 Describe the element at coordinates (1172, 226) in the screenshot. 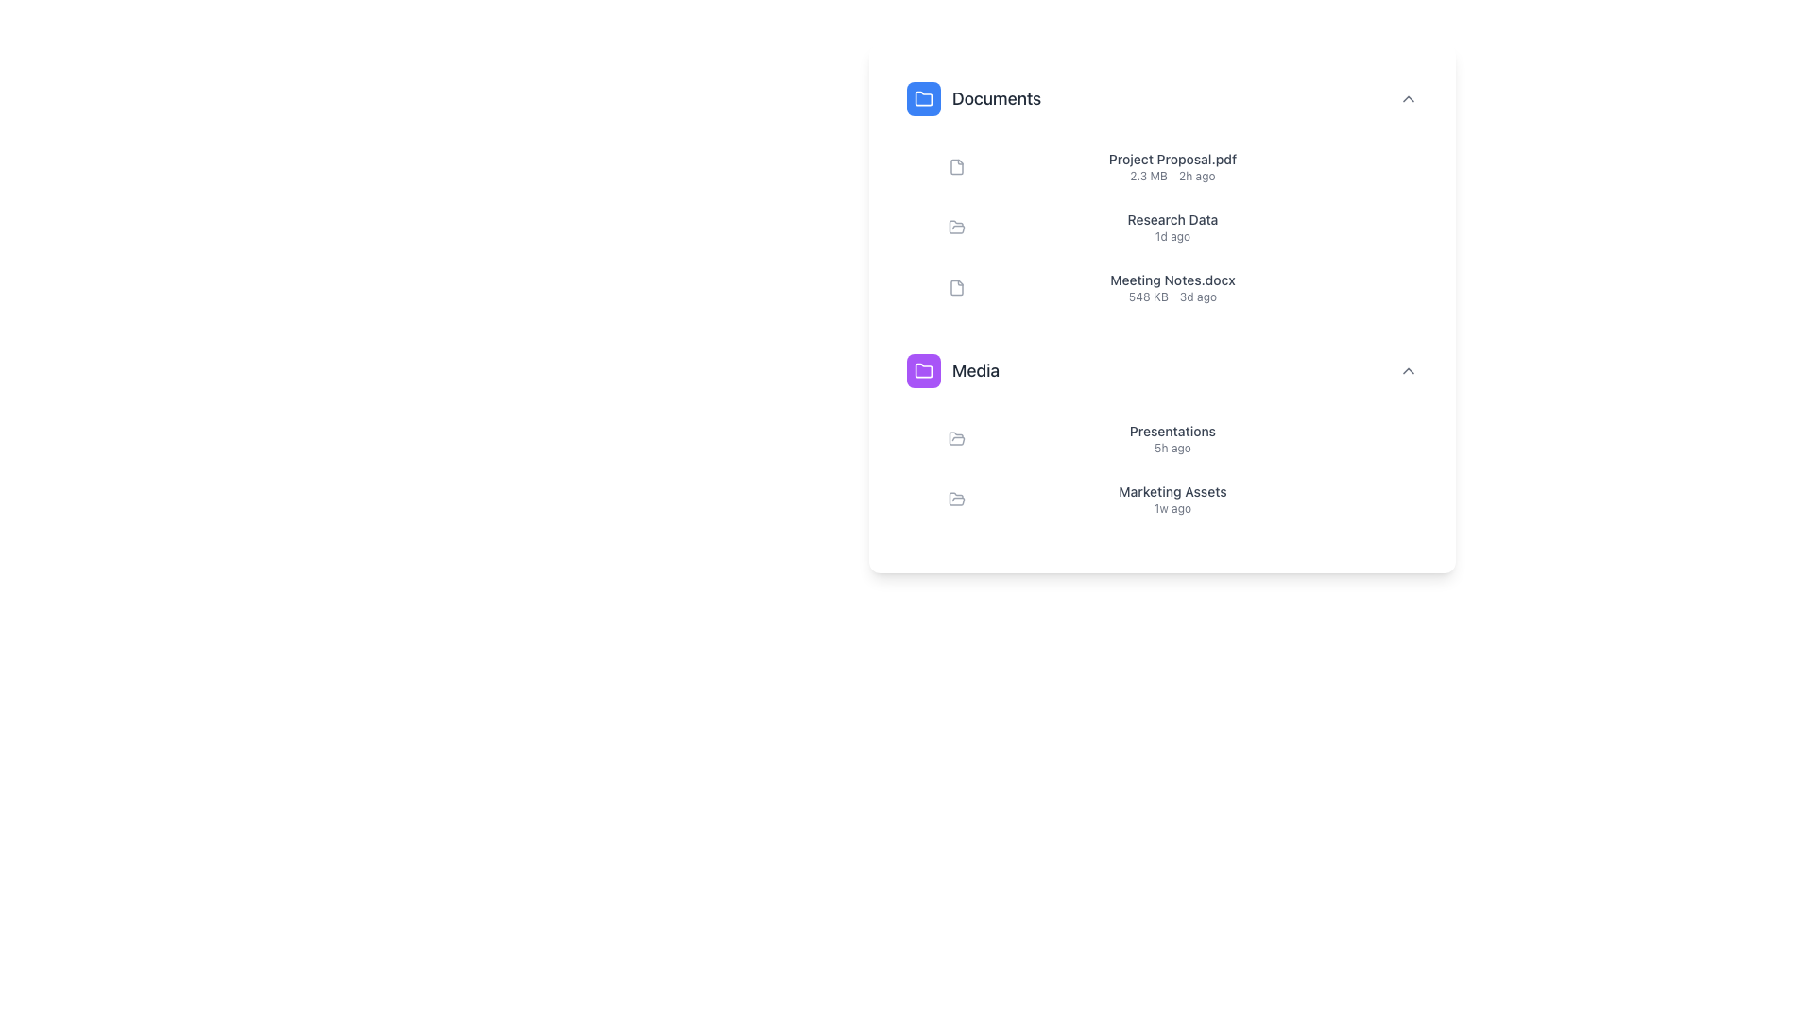

I see `the 'Research Data' text block with date metadata, which is located between 'Project Proposal.pdf' and 'Meeting Notes.docx'` at that location.